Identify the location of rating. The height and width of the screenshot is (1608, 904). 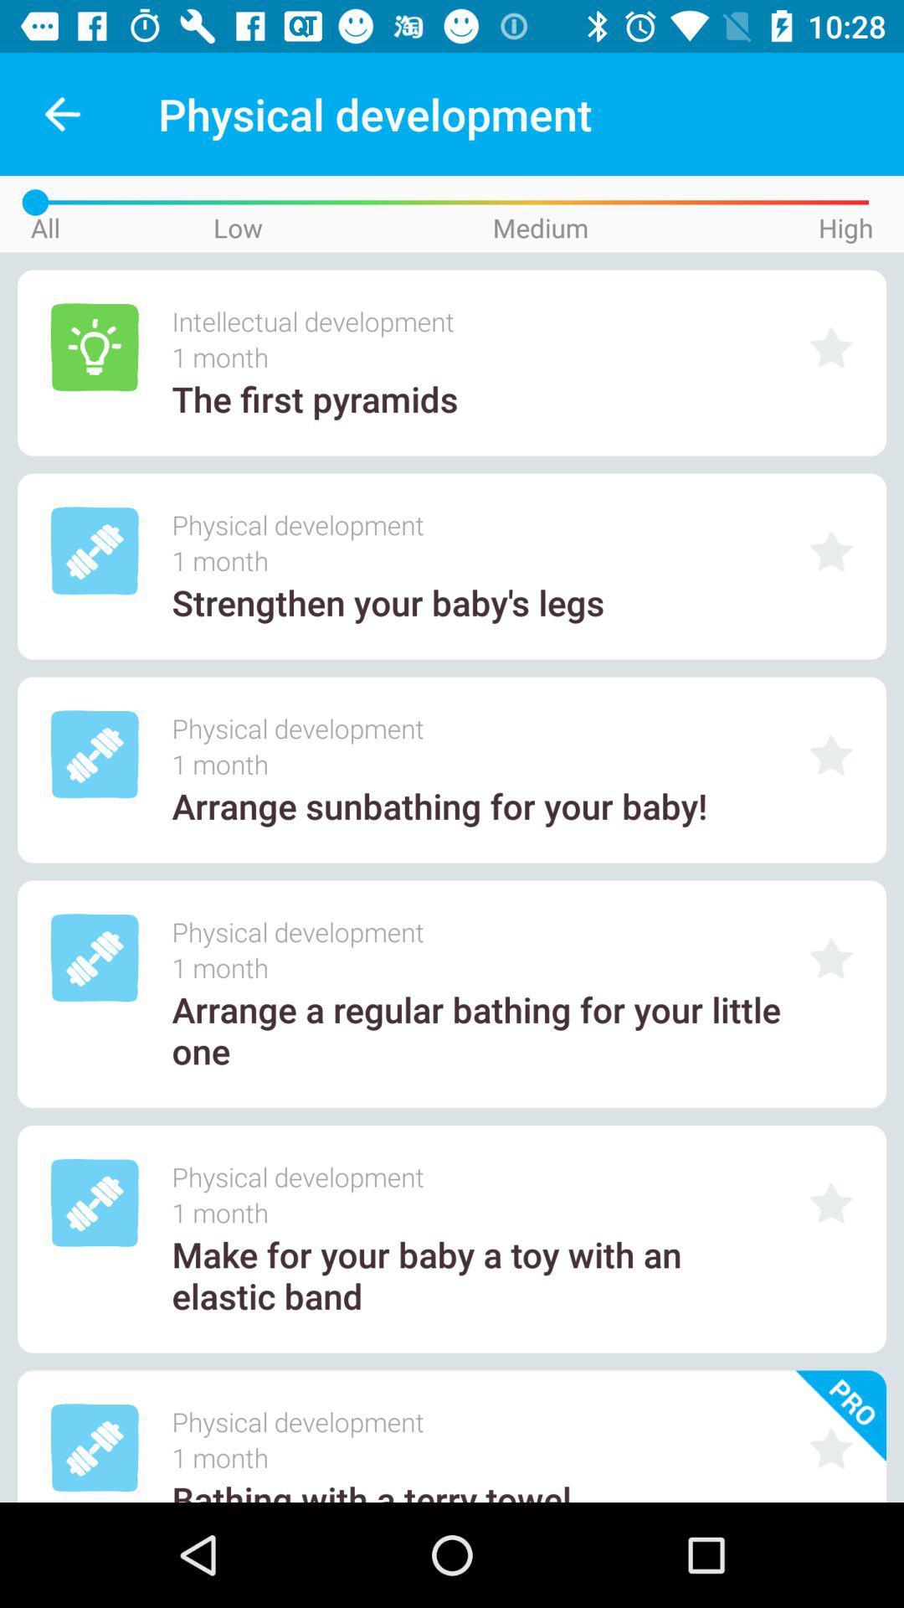
(831, 347).